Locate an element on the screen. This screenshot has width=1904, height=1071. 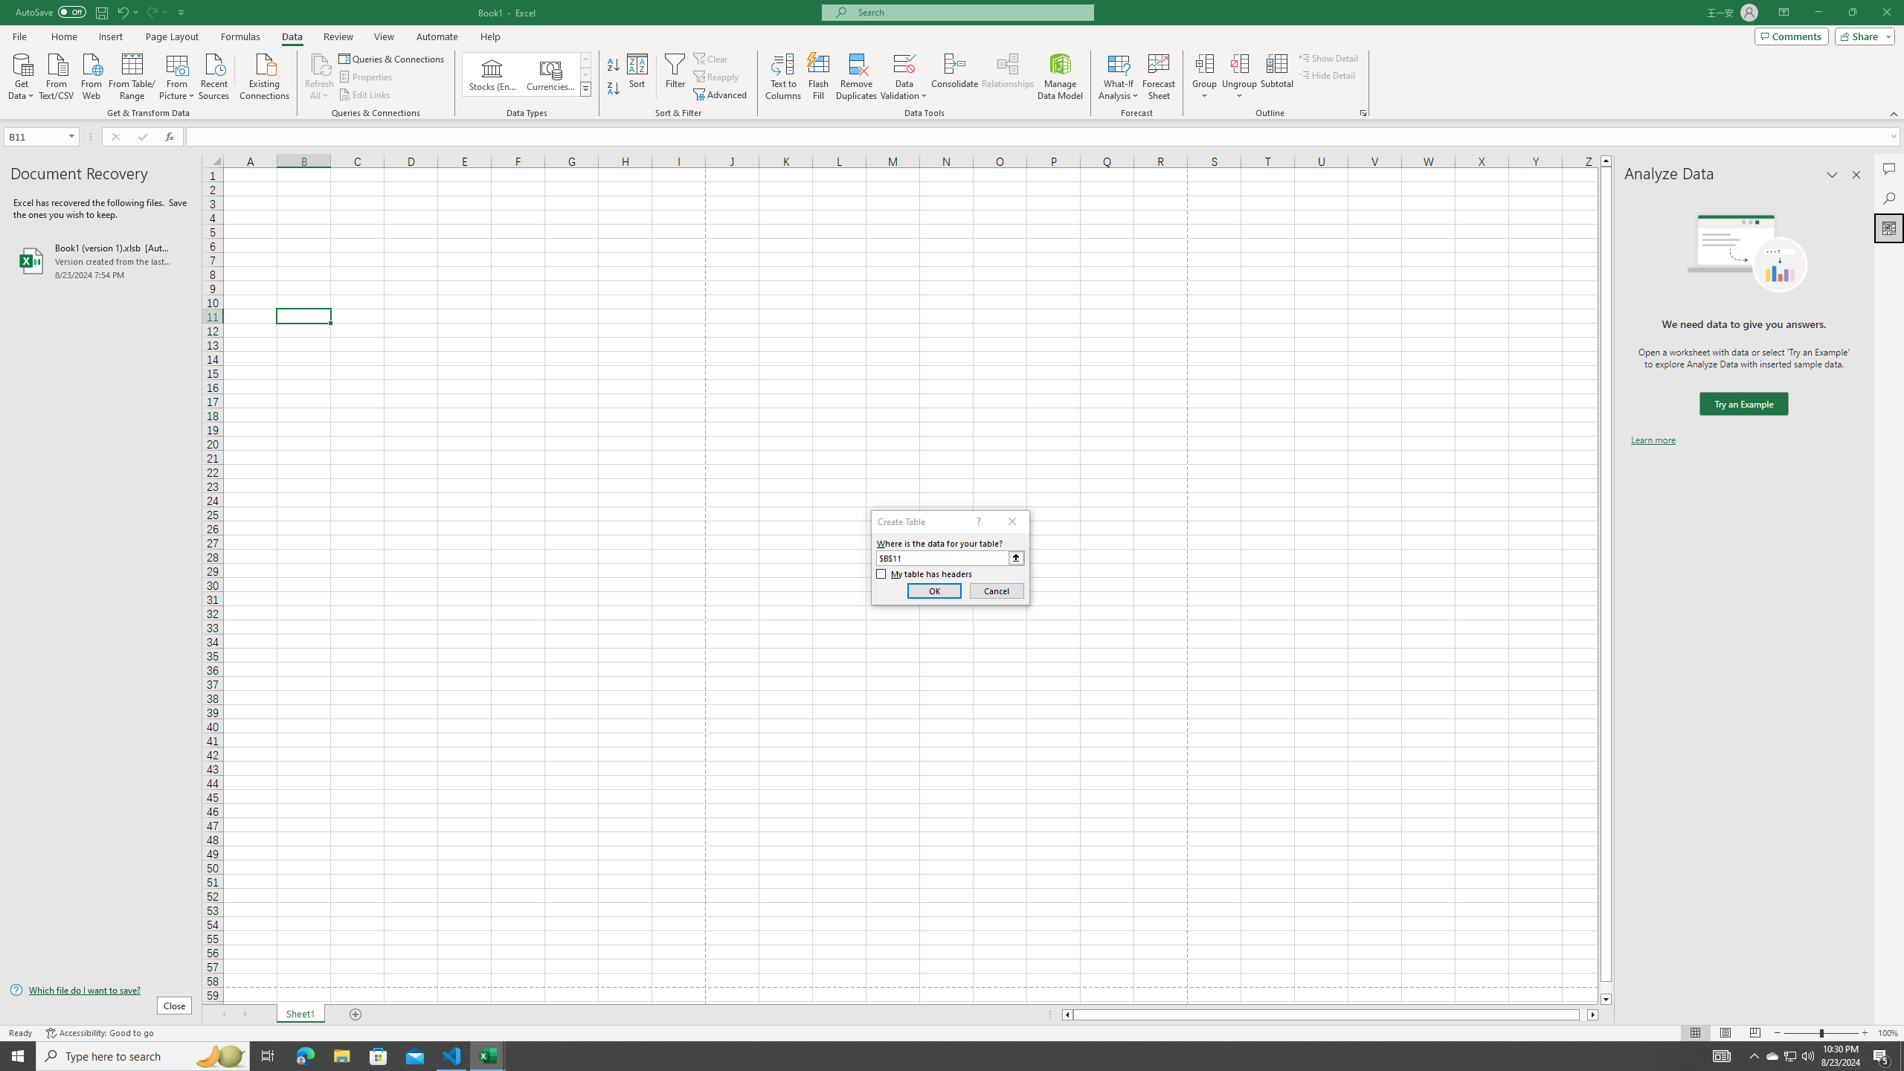
'From Table/Range' is located at coordinates (131, 74).